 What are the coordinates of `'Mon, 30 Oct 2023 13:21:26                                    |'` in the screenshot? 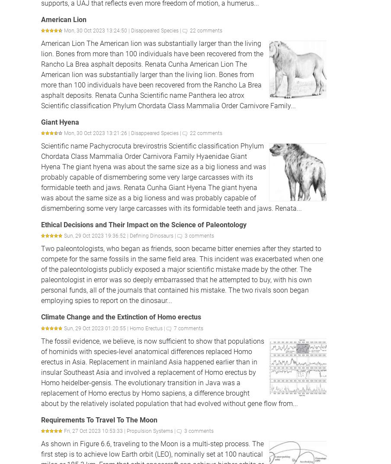 It's located at (97, 132).